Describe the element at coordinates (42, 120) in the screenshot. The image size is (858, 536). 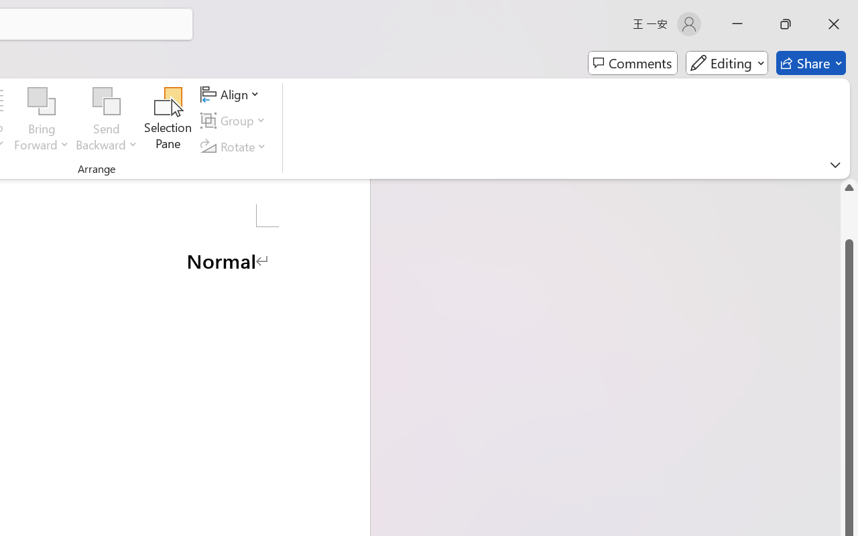
I see `'Bring Forward'` at that location.